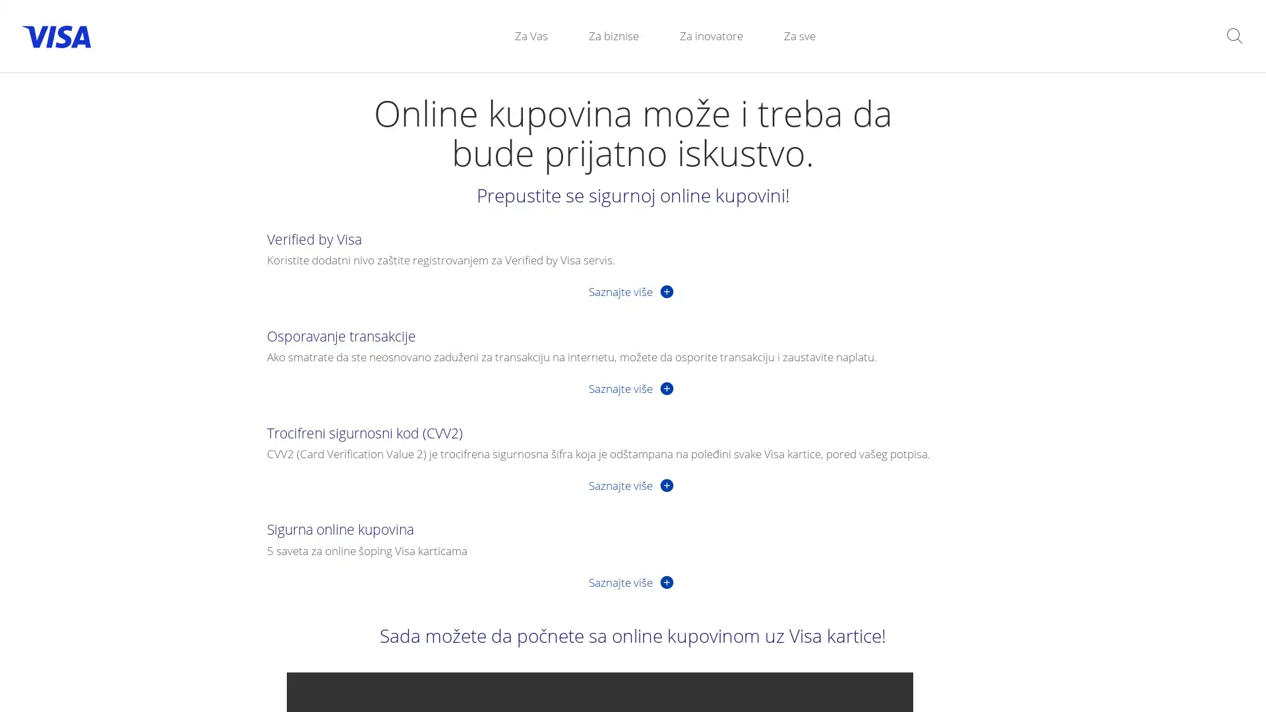 This screenshot has height=712, width=1266. What do you see at coordinates (632, 290) in the screenshot?
I see `Saznajte vise` at bounding box center [632, 290].